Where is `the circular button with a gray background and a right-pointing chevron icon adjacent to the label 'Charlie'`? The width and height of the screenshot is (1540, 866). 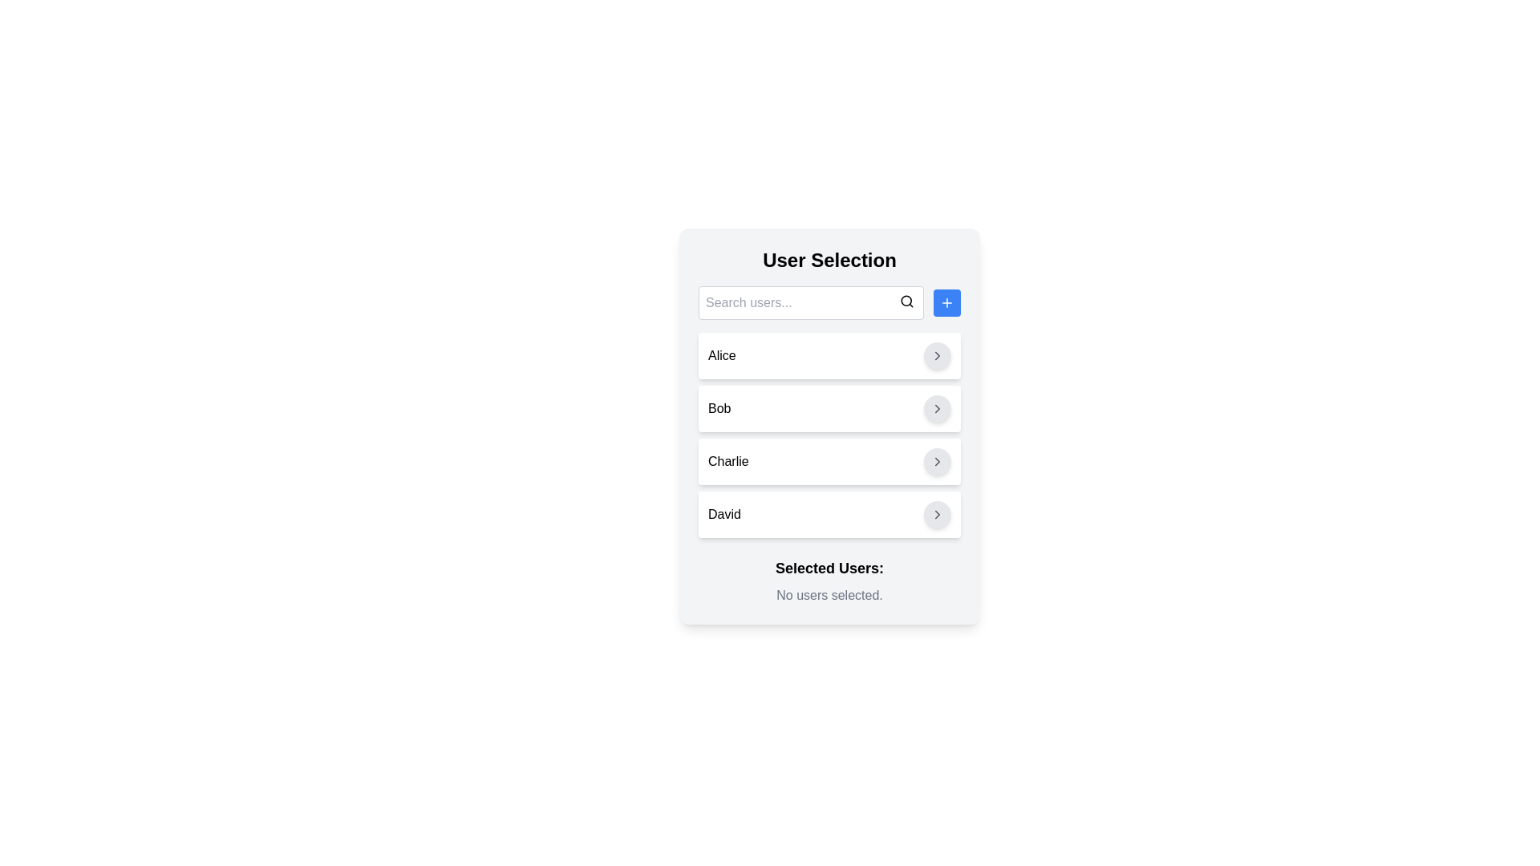
the circular button with a gray background and a right-pointing chevron icon adjacent to the label 'Charlie' is located at coordinates (938, 461).